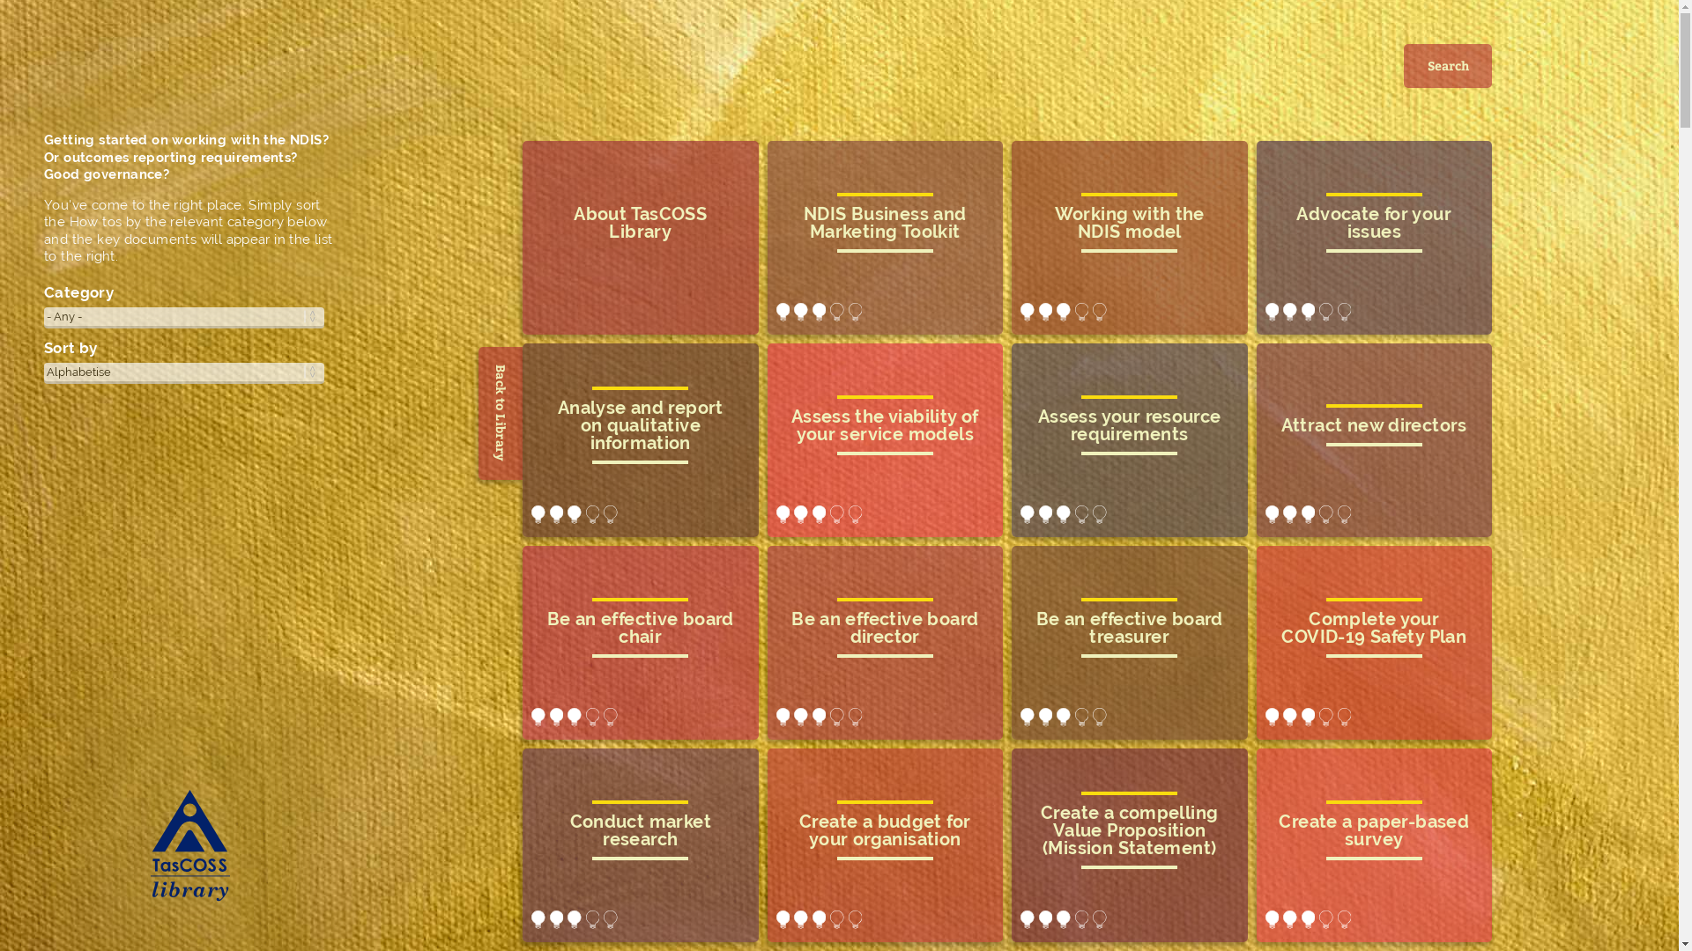 The width and height of the screenshot is (1692, 951). I want to click on 'be an effective board chair', so click(639, 642).